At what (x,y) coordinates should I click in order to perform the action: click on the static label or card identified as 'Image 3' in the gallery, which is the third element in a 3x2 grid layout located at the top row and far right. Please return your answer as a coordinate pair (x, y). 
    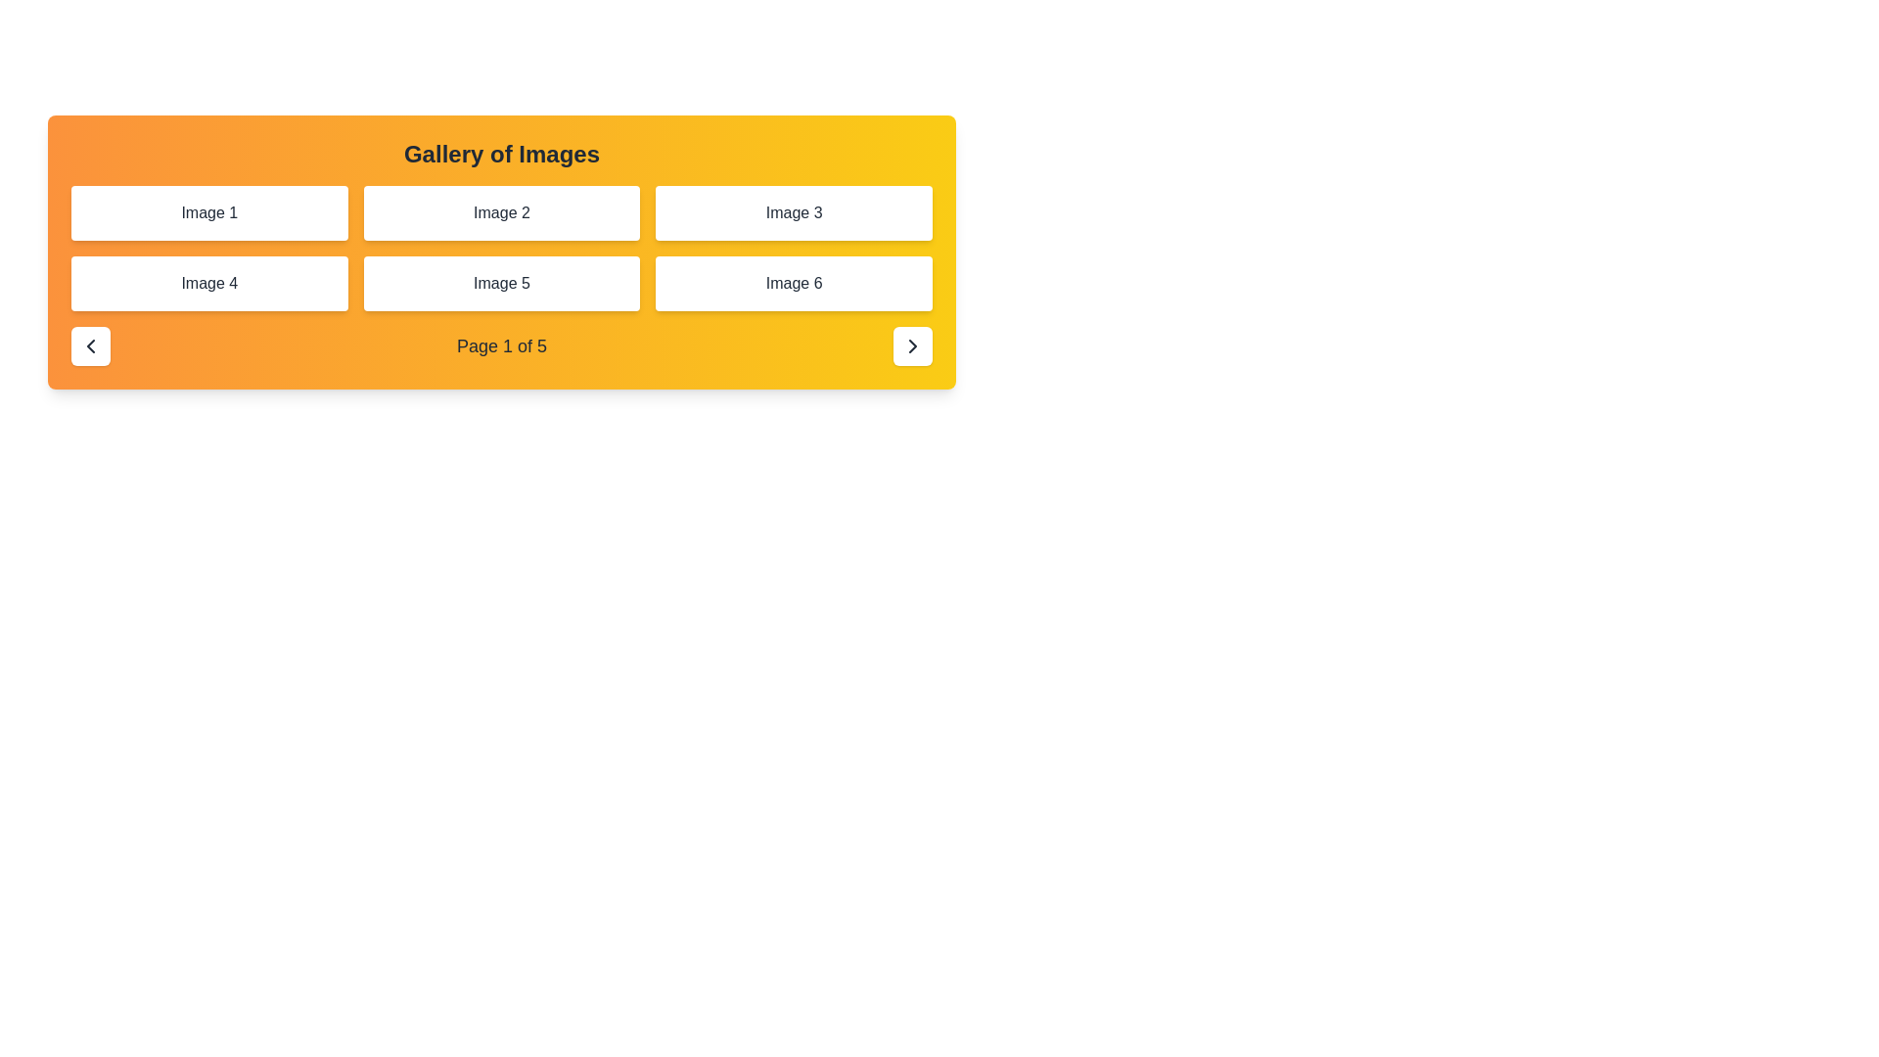
    Looking at the image, I should click on (794, 213).